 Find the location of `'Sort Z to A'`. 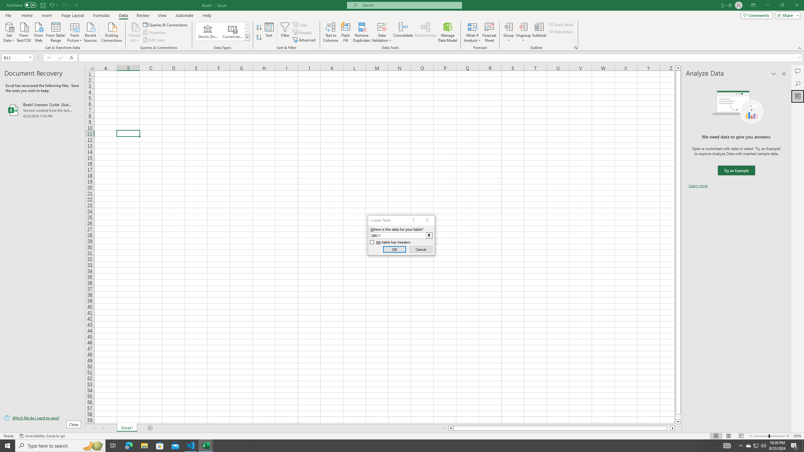

'Sort Z to A' is located at coordinates (259, 37).